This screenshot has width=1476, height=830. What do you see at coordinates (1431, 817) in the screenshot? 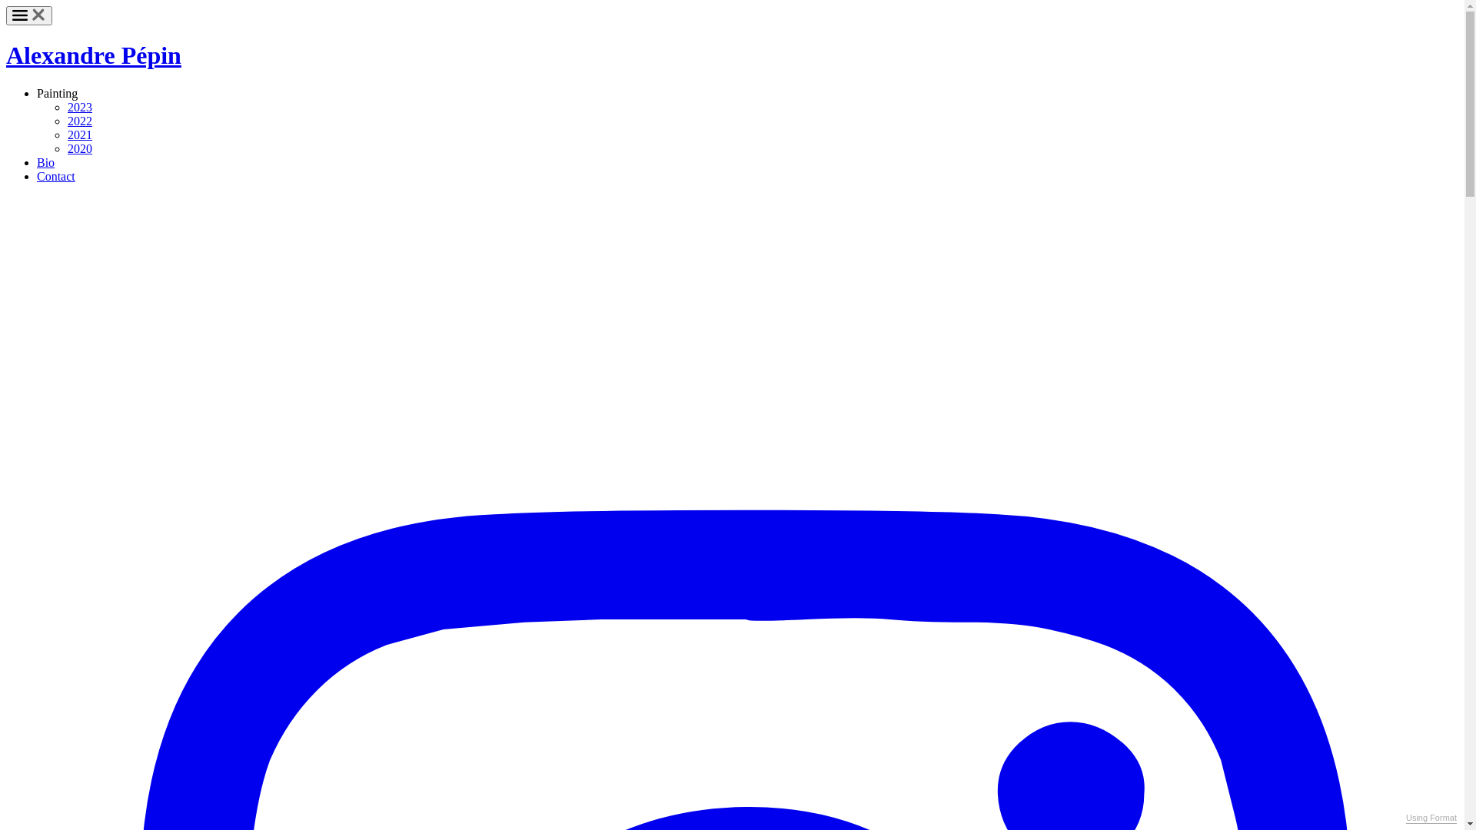
I see `'Using Format'` at bounding box center [1431, 817].